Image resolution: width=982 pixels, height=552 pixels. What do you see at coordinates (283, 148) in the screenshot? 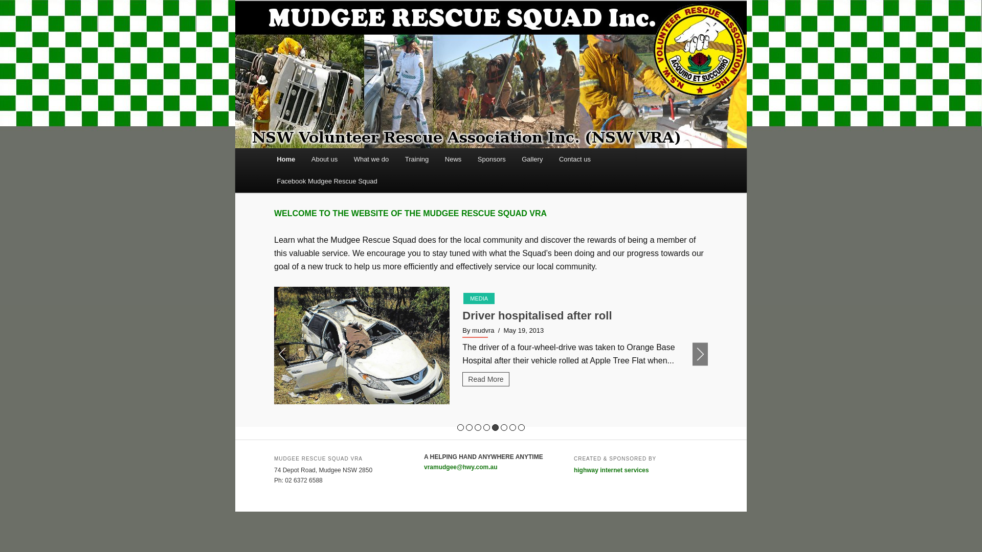
I see `'Skip to primary content'` at bounding box center [283, 148].